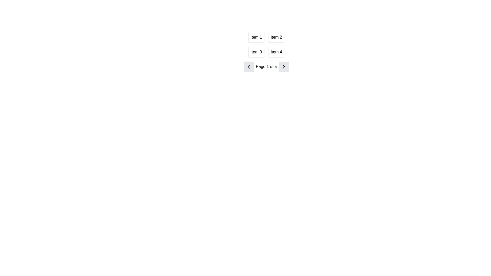  I want to click on text label displaying the current page number and total pages in the pagination component, located at the center-bottom of the interface, so click(266, 66).